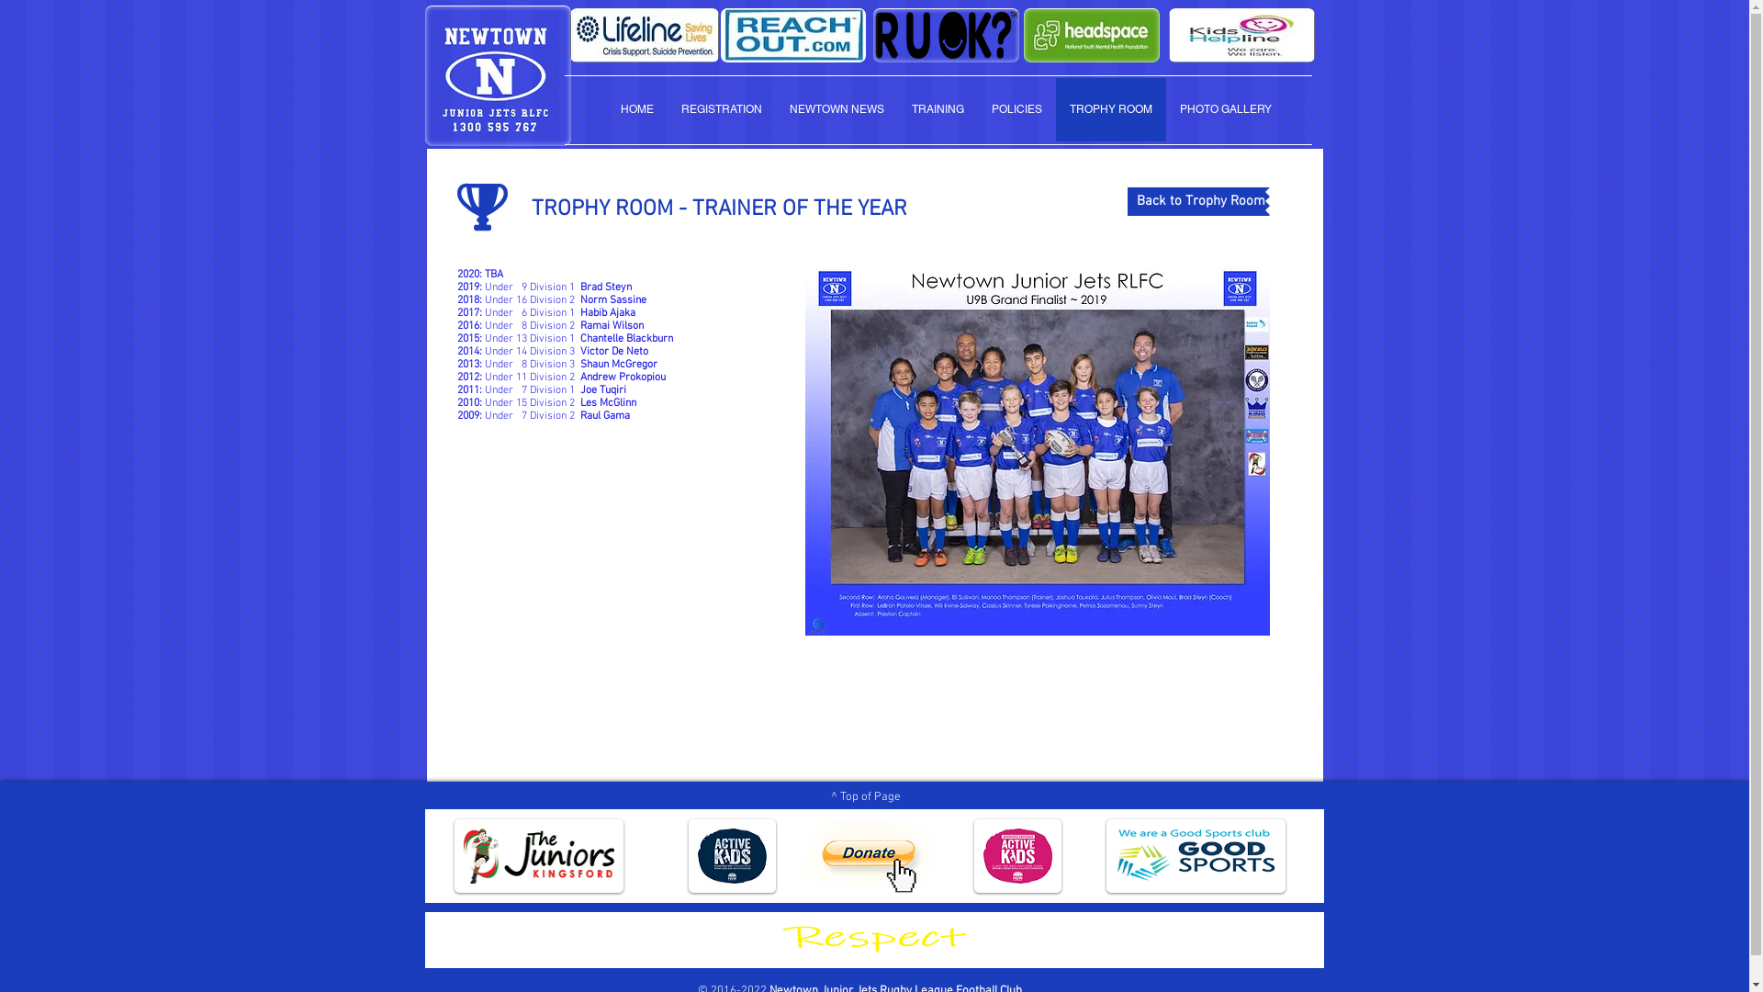 Image resolution: width=1763 pixels, height=992 pixels. I want to click on 'HOME', so click(635, 109).